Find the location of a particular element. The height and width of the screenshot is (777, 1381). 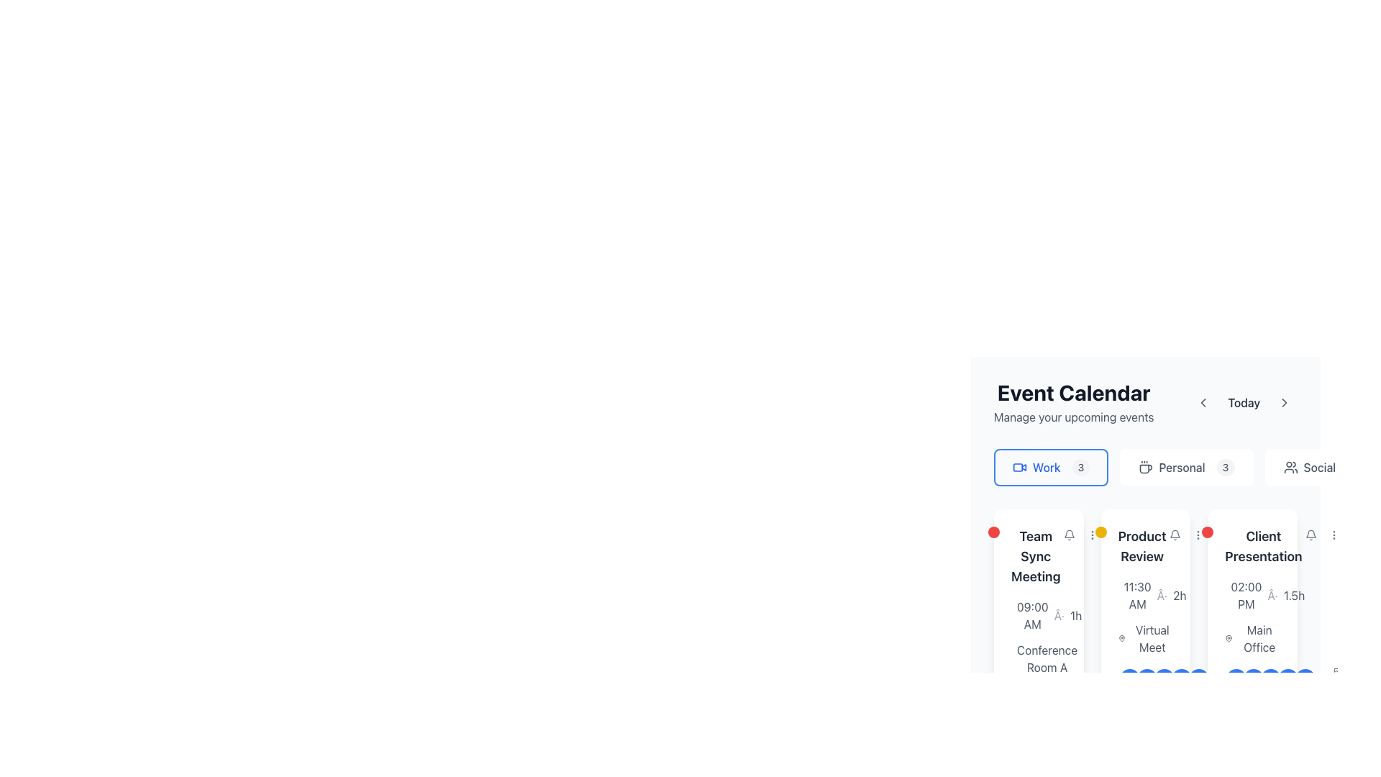

the ellipsis icon located at the top-right corner of the 'Client Presentation' card is located at coordinates (1333, 535).